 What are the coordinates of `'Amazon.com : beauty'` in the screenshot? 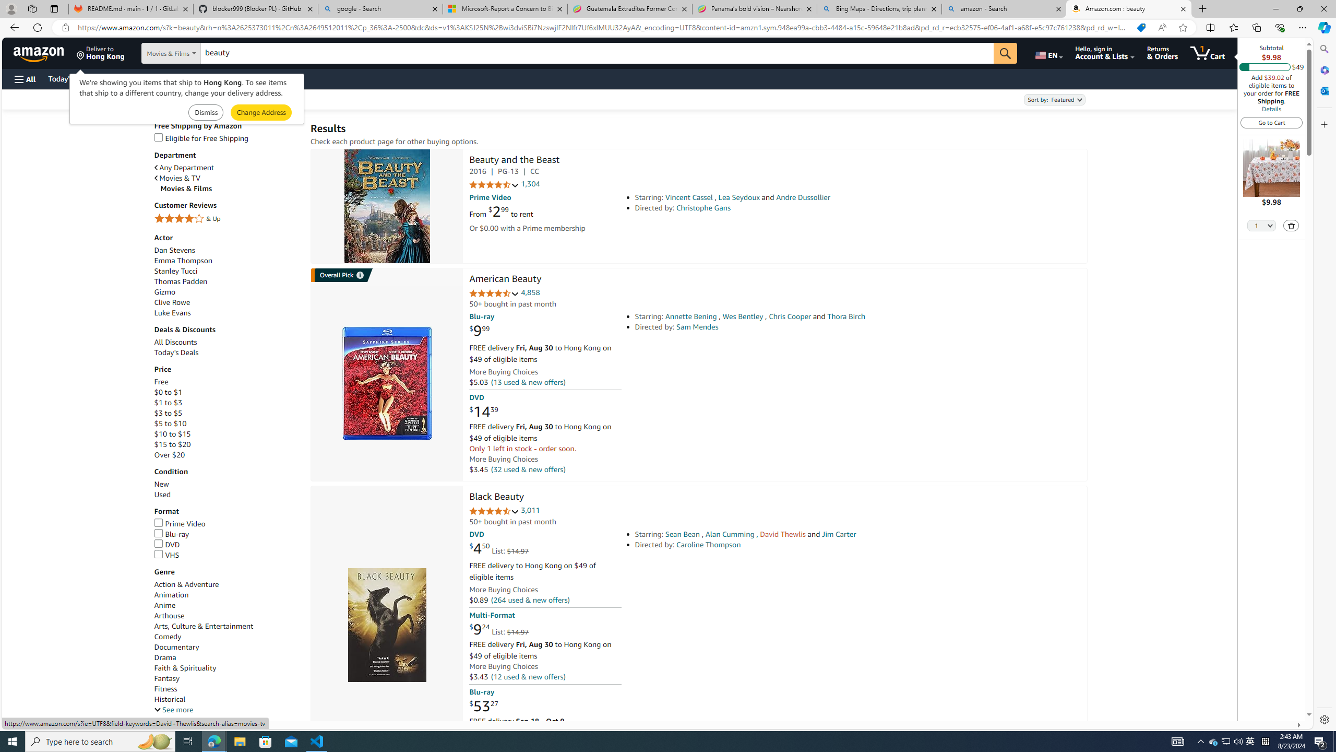 It's located at (1128, 8).